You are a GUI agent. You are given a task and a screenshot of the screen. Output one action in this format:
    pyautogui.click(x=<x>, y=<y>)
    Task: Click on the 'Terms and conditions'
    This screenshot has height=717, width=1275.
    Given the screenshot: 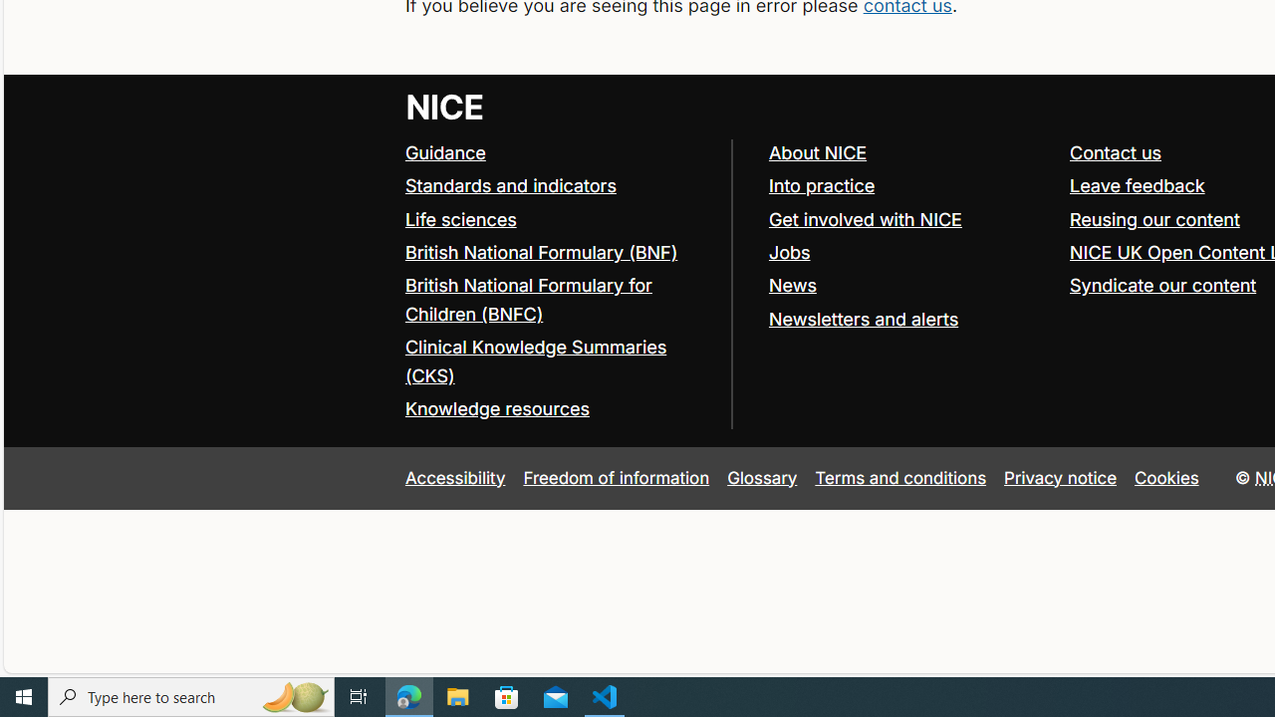 What is the action you would take?
    pyautogui.click(x=899, y=477)
    